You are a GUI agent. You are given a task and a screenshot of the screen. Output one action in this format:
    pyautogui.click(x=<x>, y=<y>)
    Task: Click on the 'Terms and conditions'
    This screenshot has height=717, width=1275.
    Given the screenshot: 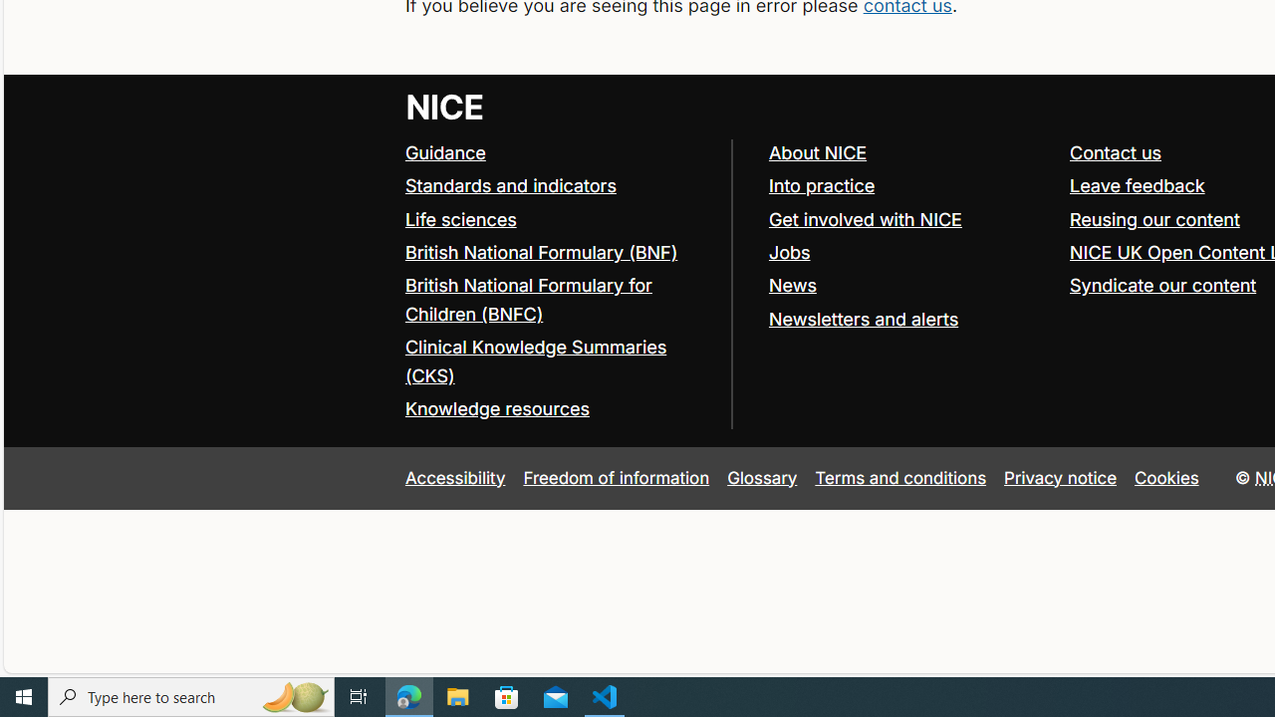 What is the action you would take?
    pyautogui.click(x=899, y=477)
    